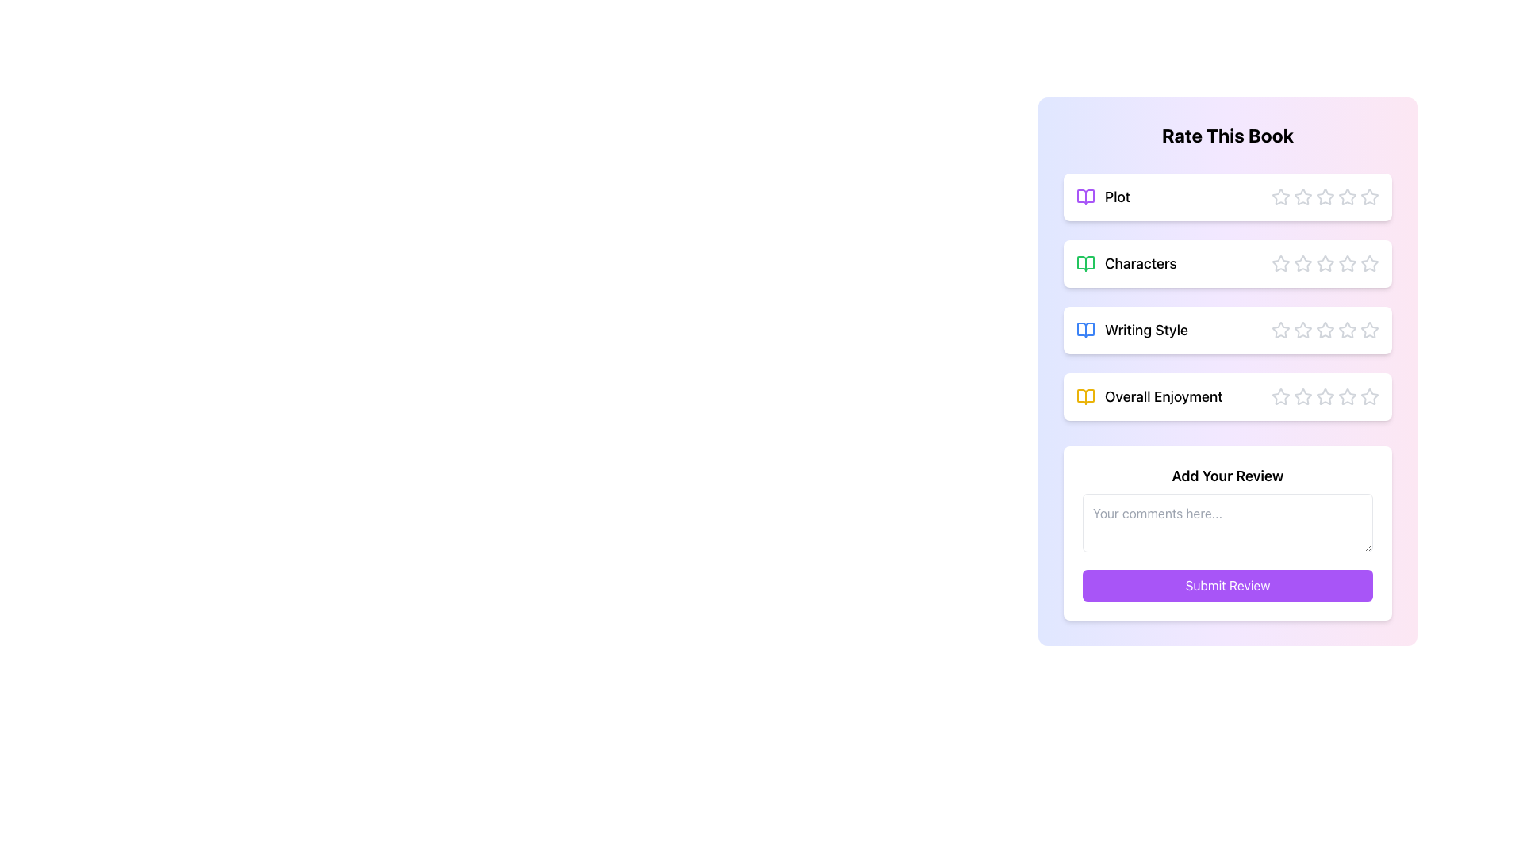 This screenshot has width=1523, height=856. What do you see at coordinates (1126, 262) in the screenshot?
I see `the 'Characters' label with a green book icon, which is the second item in the vertical list under 'Rate This Book'` at bounding box center [1126, 262].